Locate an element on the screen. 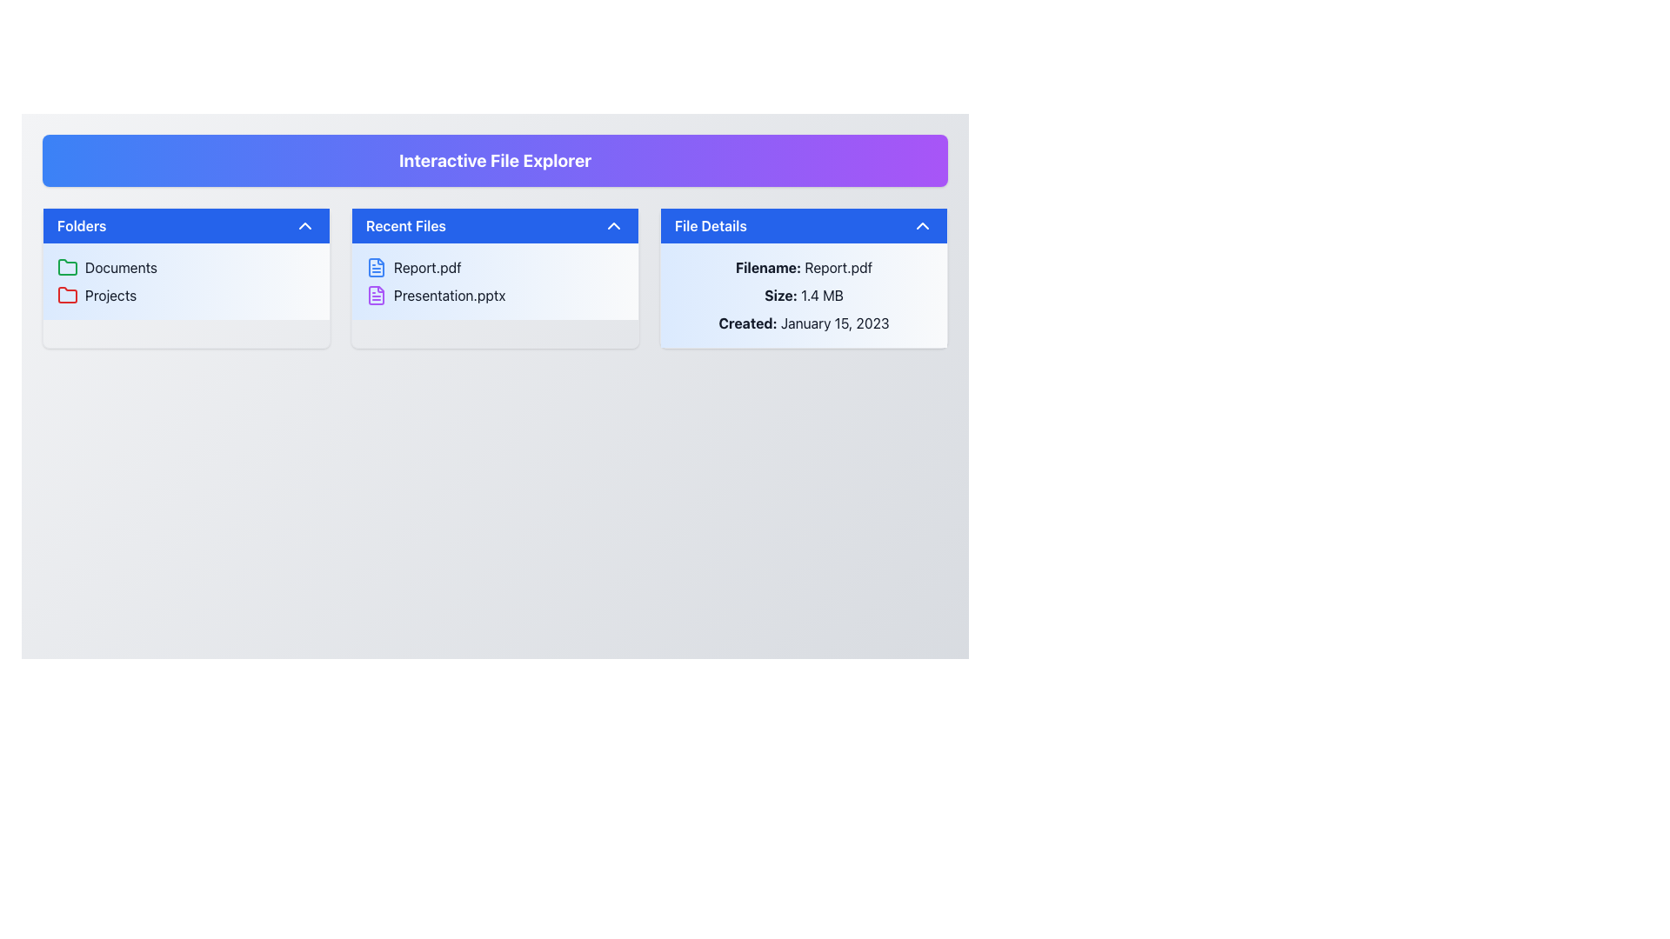  the red folder icon located under the 'Folders' section next to the label 'Projects' is located at coordinates (67, 294).